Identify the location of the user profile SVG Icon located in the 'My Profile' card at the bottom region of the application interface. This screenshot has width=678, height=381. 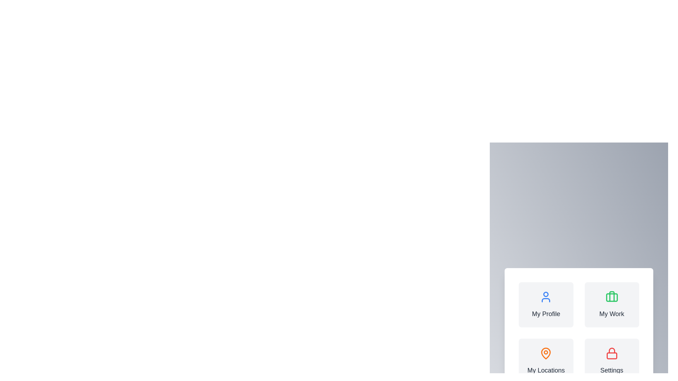
(546, 297).